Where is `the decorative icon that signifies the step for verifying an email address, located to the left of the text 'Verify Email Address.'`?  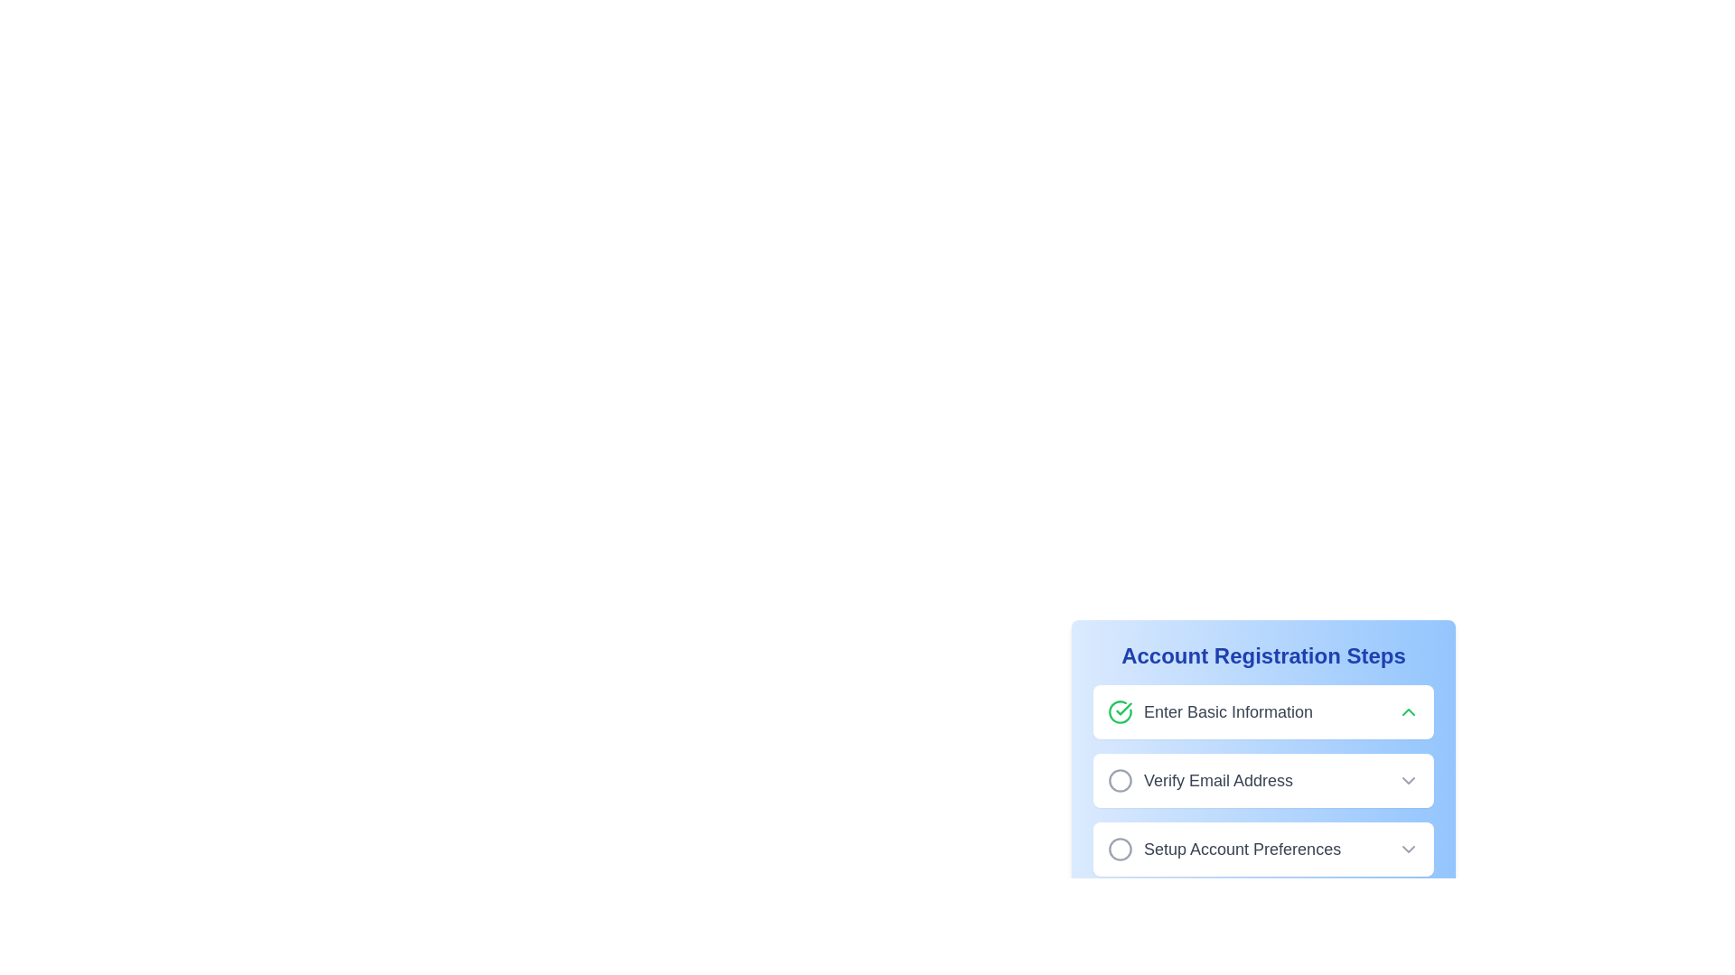 the decorative icon that signifies the step for verifying an email address, located to the left of the text 'Verify Email Address.' is located at coordinates (1119, 779).